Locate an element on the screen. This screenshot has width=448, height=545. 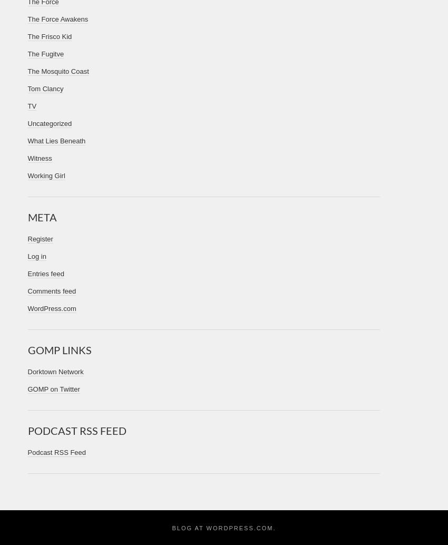
'TV' is located at coordinates (32, 106).